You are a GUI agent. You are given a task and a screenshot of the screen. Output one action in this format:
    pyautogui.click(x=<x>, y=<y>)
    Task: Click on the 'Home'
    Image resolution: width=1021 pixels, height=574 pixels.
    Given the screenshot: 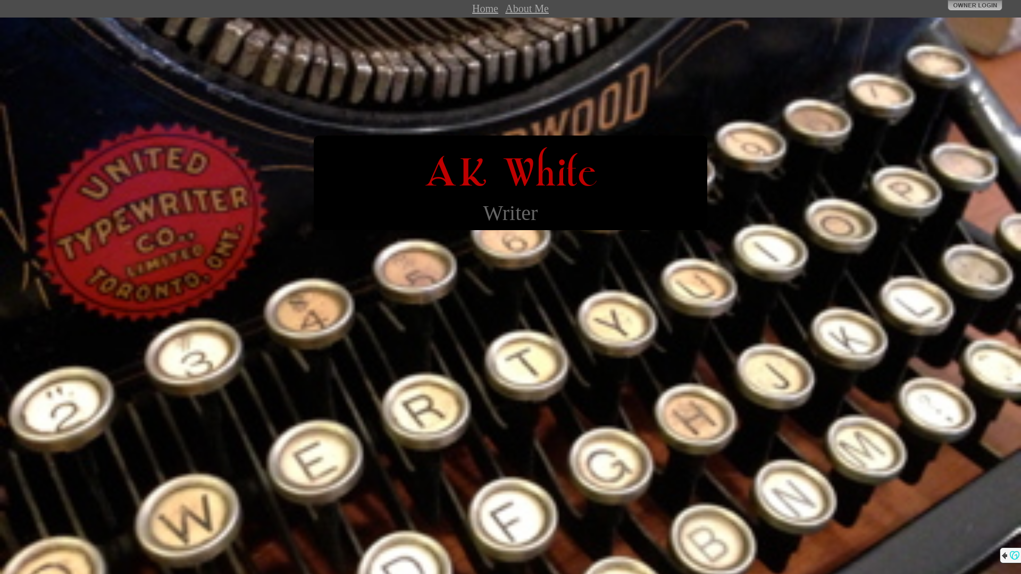 What is the action you would take?
    pyautogui.click(x=484, y=8)
    